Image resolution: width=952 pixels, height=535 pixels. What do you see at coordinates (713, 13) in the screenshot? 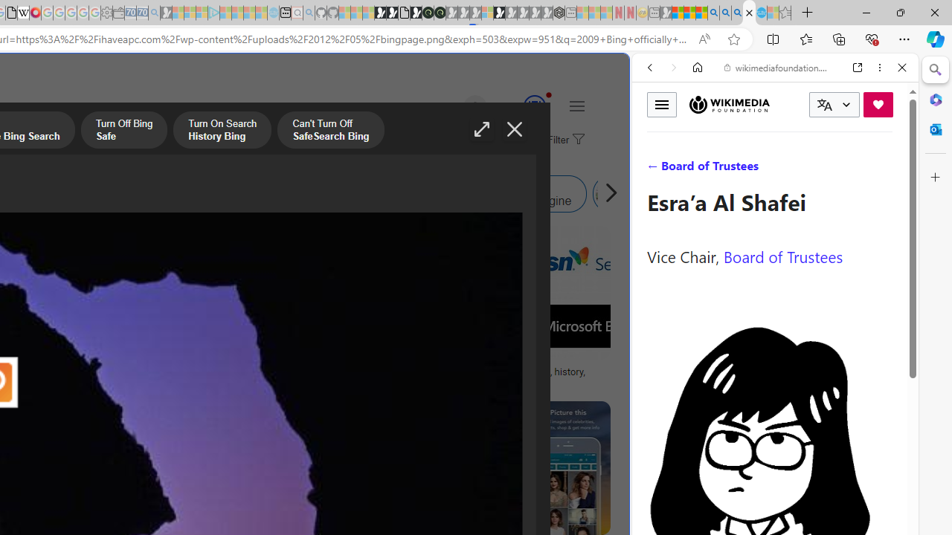
I see `'Bing AI - Search'` at bounding box center [713, 13].